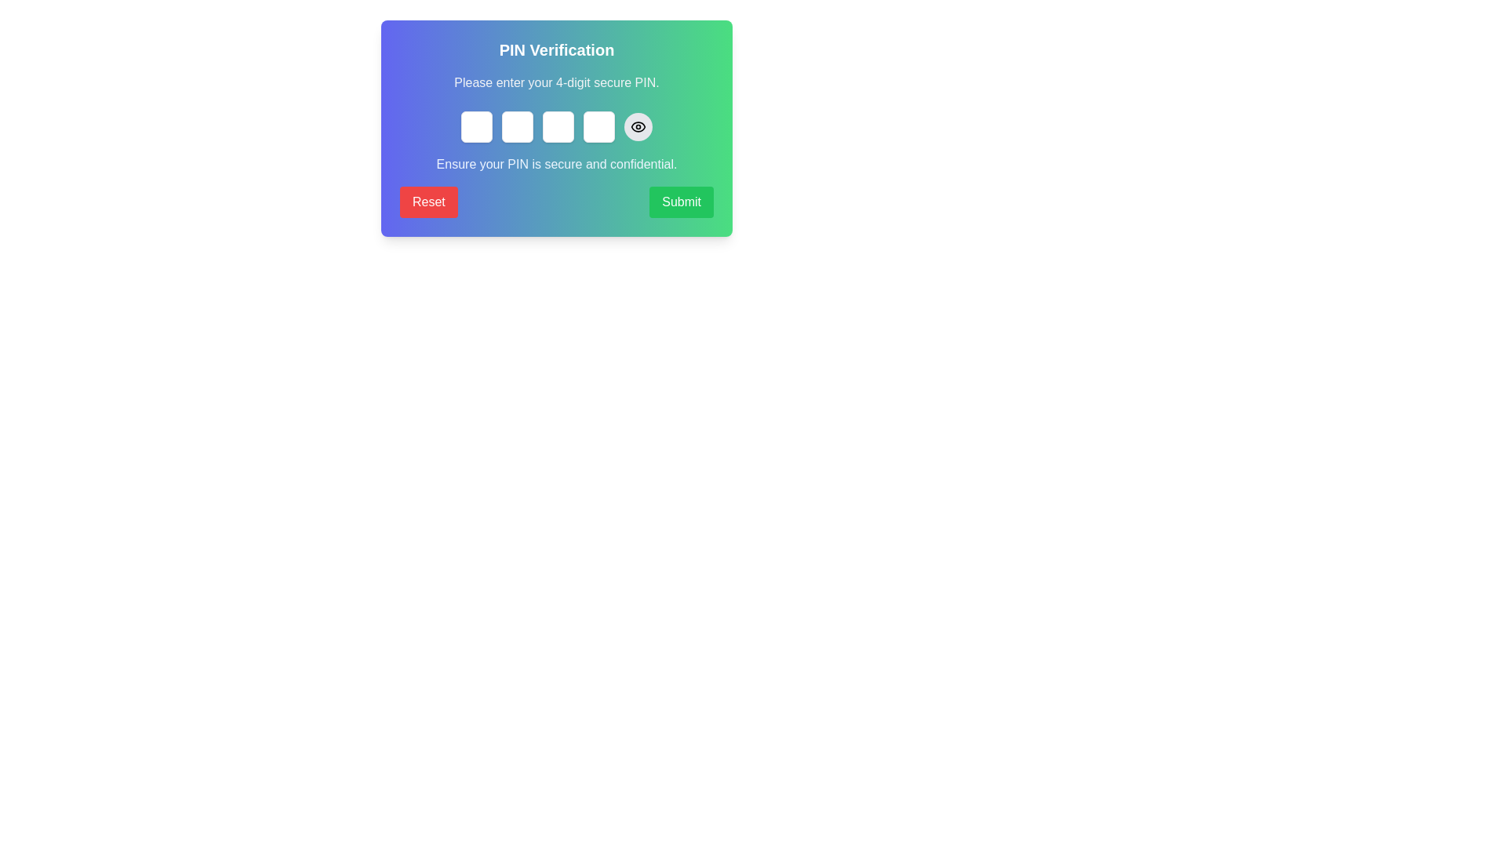  What do you see at coordinates (557, 82) in the screenshot?
I see `the text label that provides instructions or guidance for entering the secure 4-digit PIN, located below the 'PIN Verification' text element` at bounding box center [557, 82].